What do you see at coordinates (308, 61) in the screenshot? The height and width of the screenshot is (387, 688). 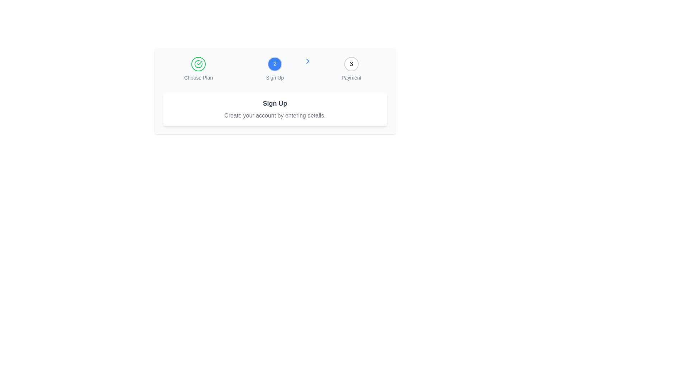 I see `the forward navigation icon located to the right of the circular '2' indicator in the stepper UI labeled 'Sign Up'` at bounding box center [308, 61].